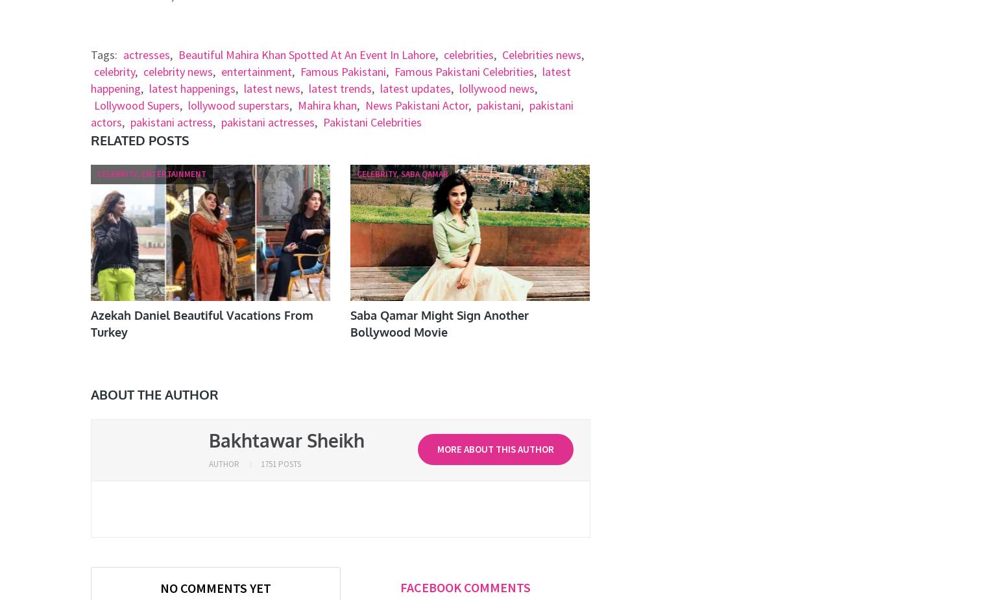  Describe the element at coordinates (177, 71) in the screenshot. I see `'celebrity news'` at that location.